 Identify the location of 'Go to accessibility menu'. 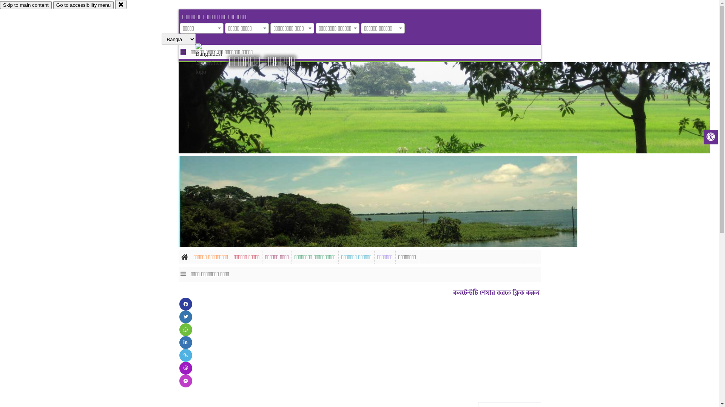
(83, 5).